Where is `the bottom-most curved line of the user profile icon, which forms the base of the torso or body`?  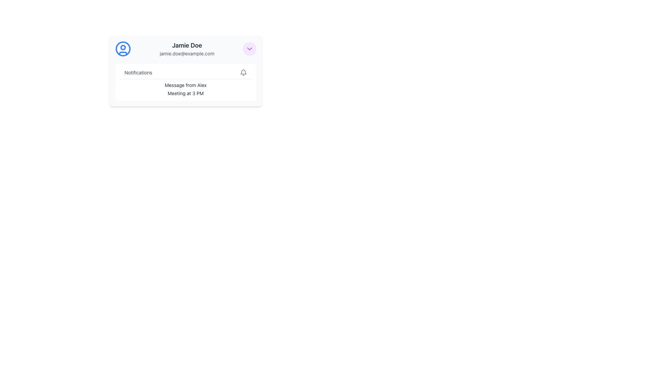 the bottom-most curved line of the user profile icon, which forms the base of the torso or body is located at coordinates (123, 53).